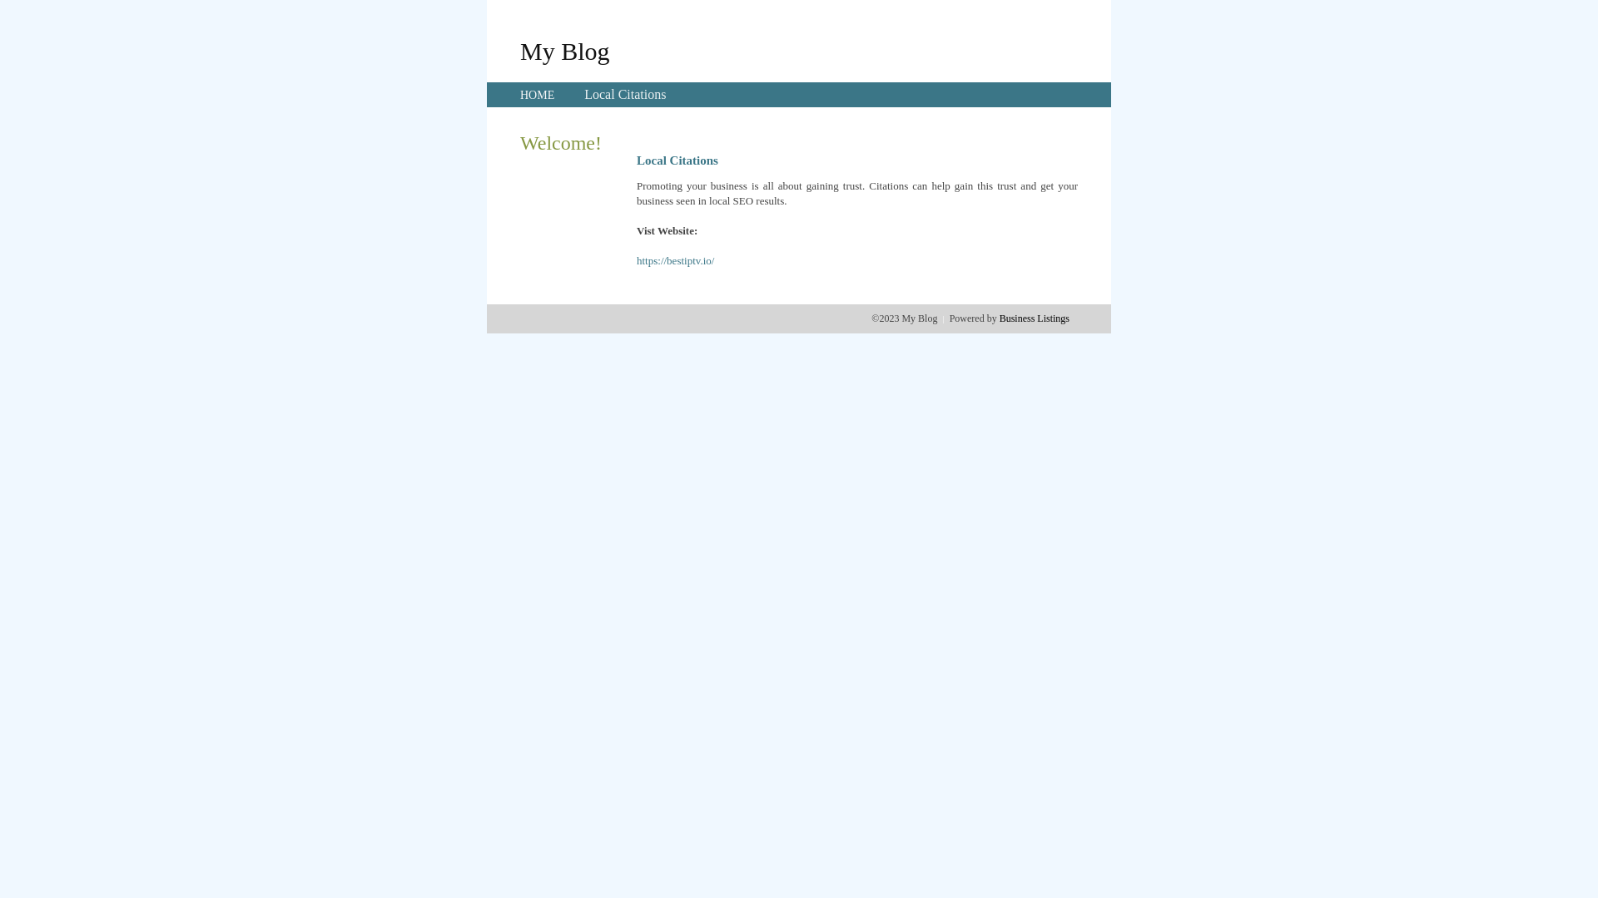 The height and width of the screenshot is (898, 1598). What do you see at coordinates (564, 50) in the screenshot?
I see `'My Blog'` at bounding box center [564, 50].